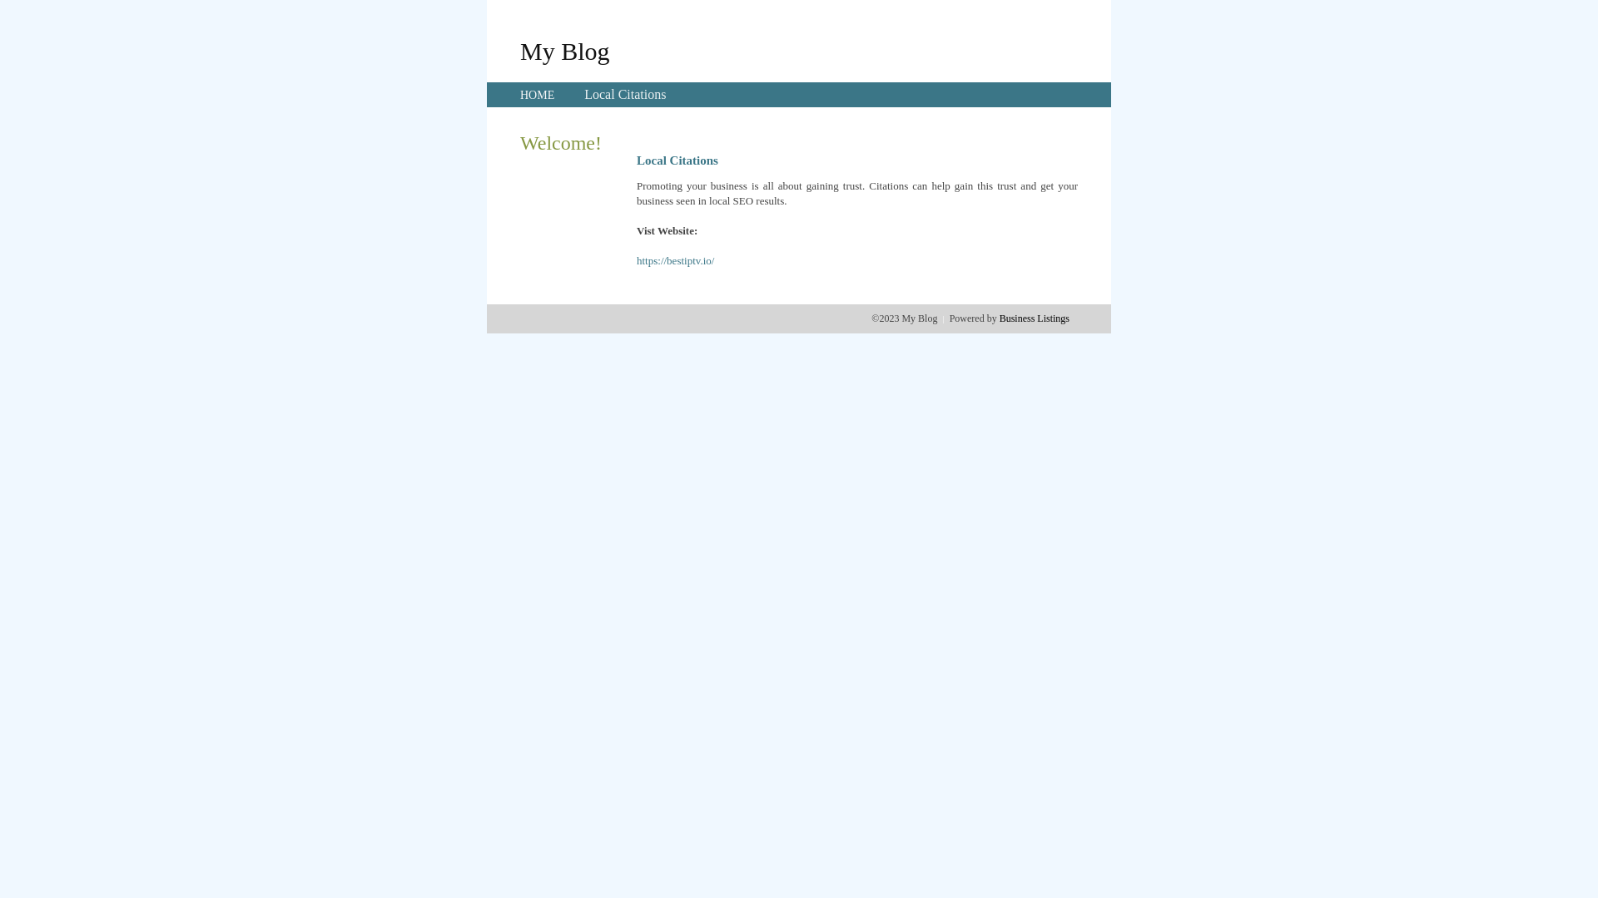 The height and width of the screenshot is (898, 1598). What do you see at coordinates (564, 50) in the screenshot?
I see `'My Blog'` at bounding box center [564, 50].